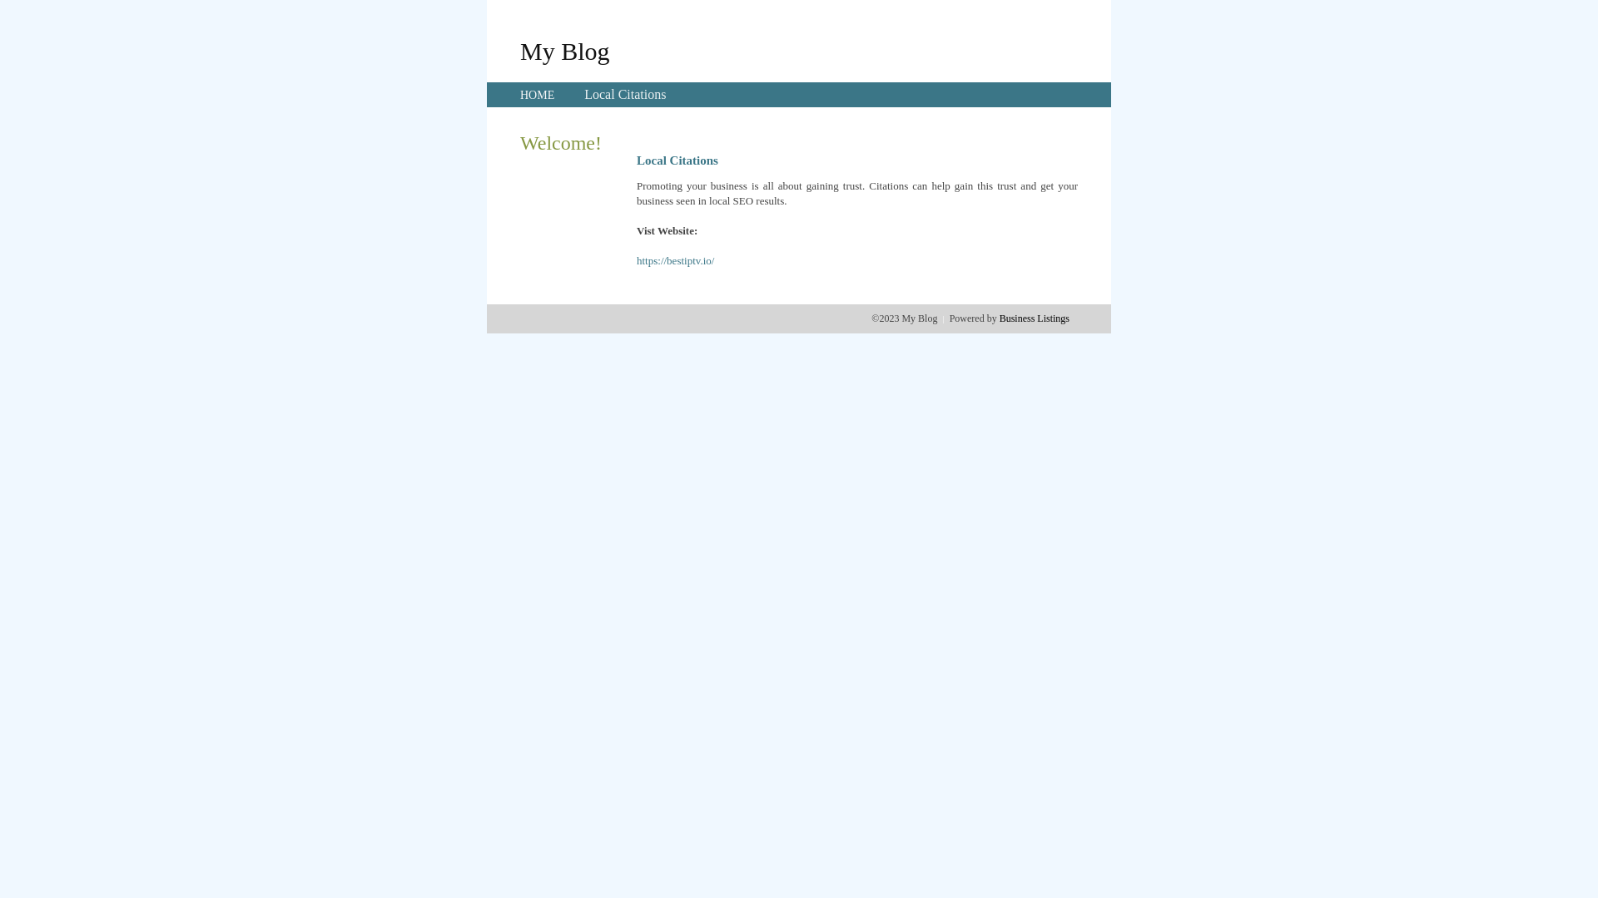 The height and width of the screenshot is (898, 1598). What do you see at coordinates (564, 50) in the screenshot?
I see `'My Blog'` at bounding box center [564, 50].